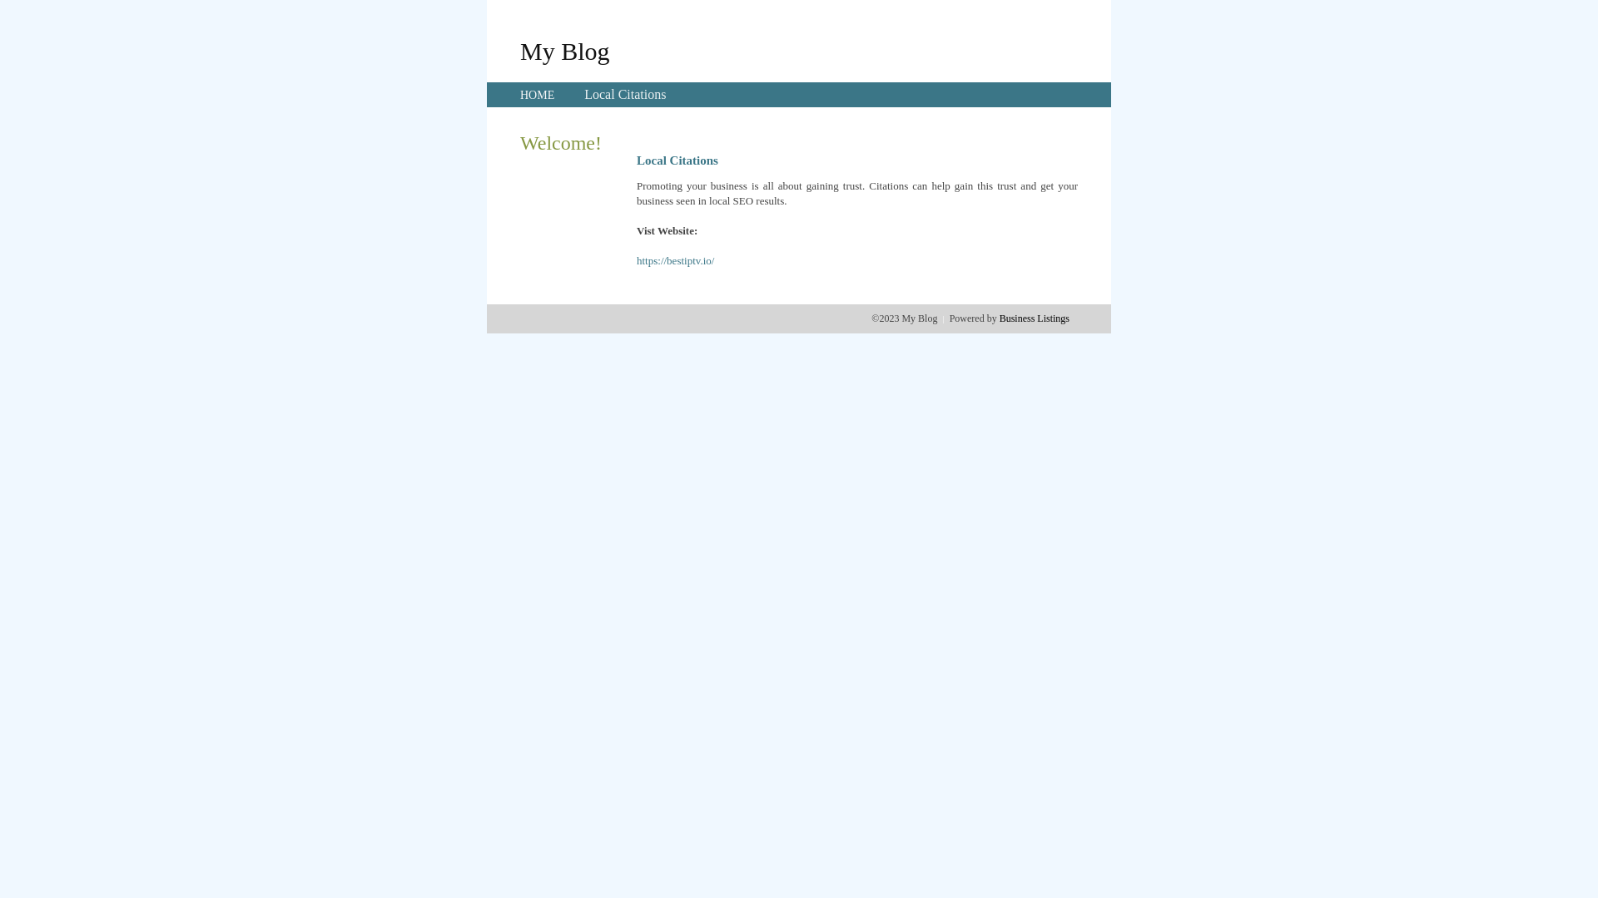 The height and width of the screenshot is (898, 1598). What do you see at coordinates (564, 50) in the screenshot?
I see `'My Blog'` at bounding box center [564, 50].